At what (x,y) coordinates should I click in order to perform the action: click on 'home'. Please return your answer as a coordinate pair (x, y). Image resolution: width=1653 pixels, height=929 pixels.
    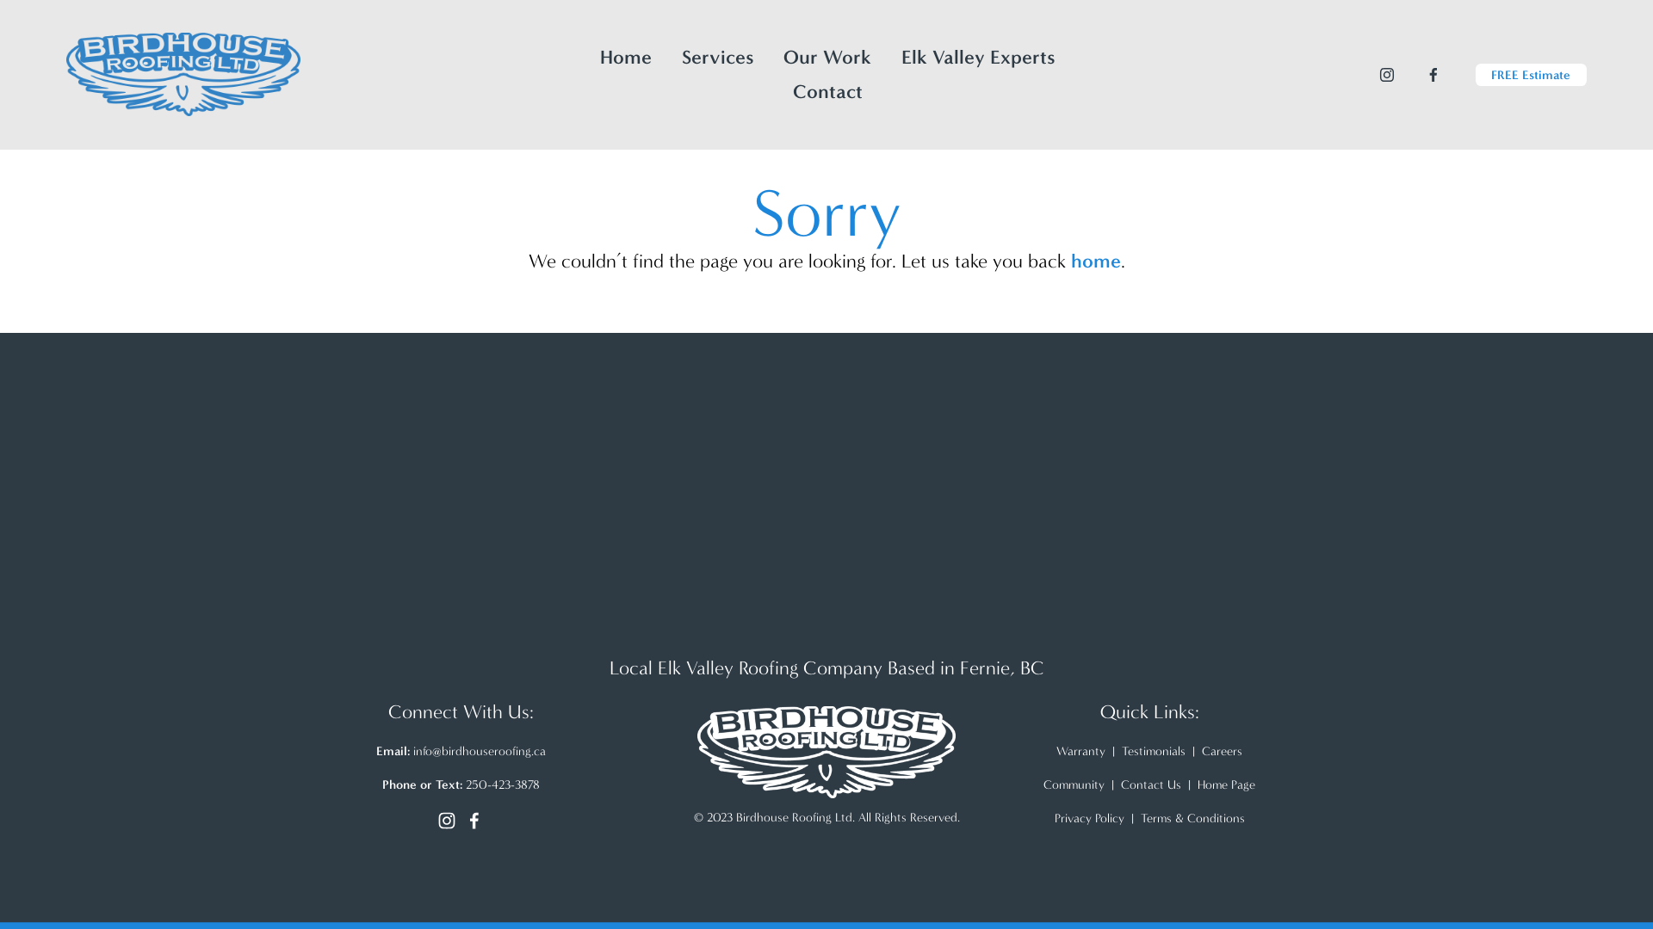
    Looking at the image, I should click on (1094, 261).